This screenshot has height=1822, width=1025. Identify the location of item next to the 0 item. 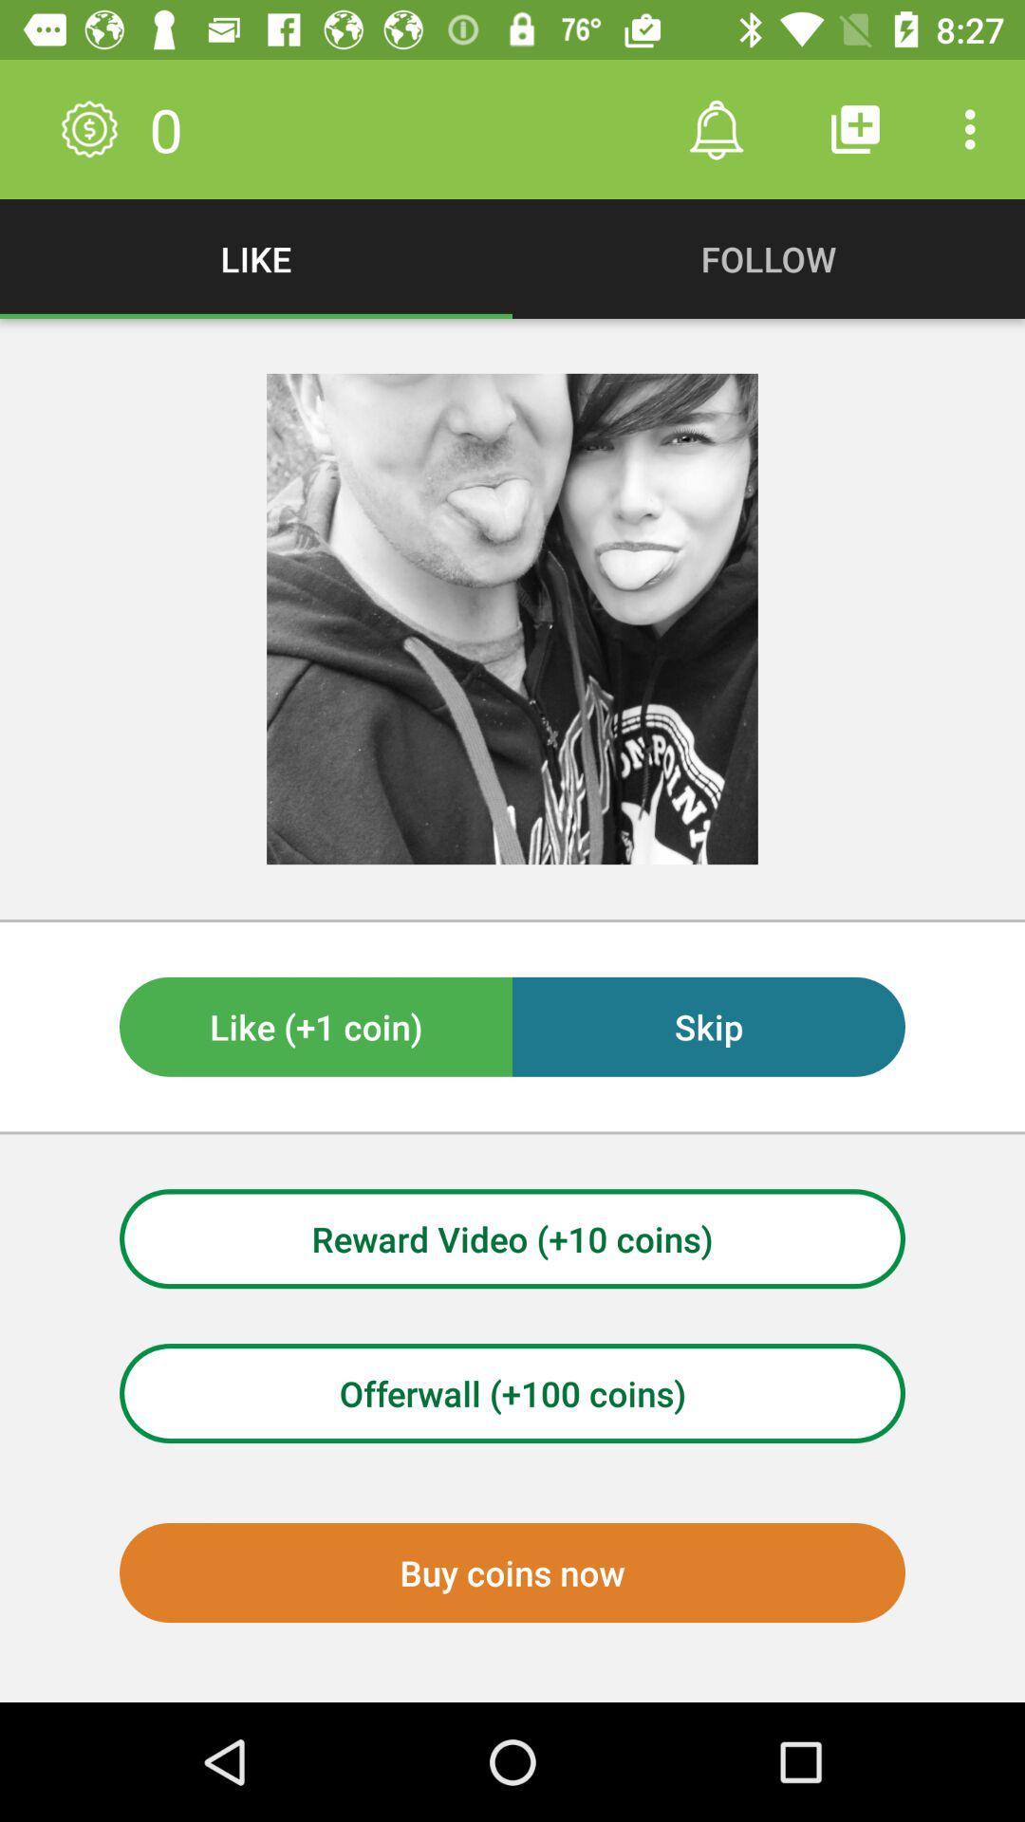
(716, 128).